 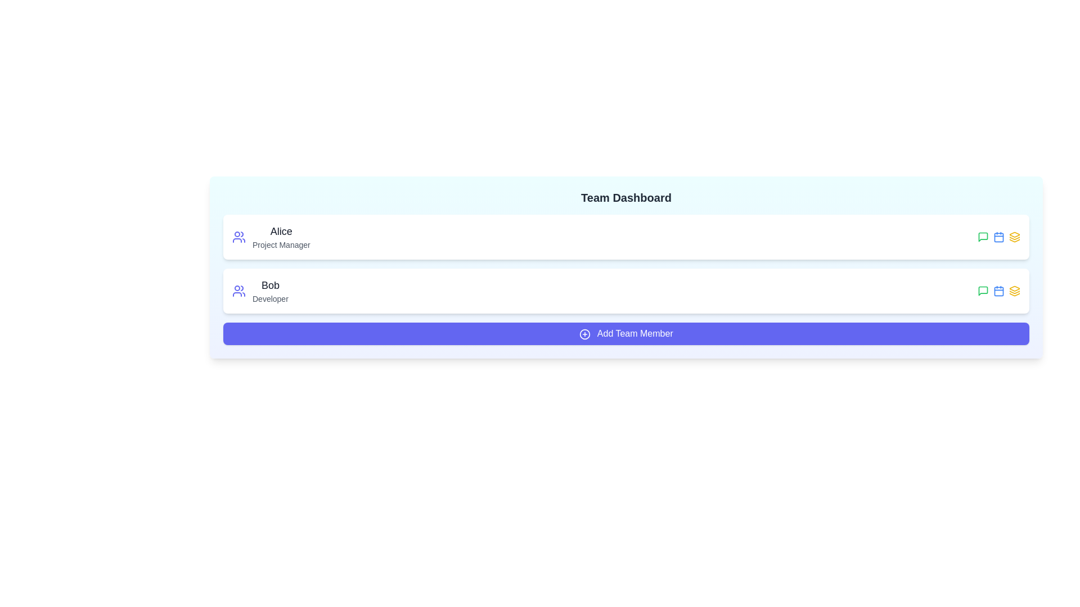 What do you see at coordinates (999, 290) in the screenshot?
I see `the small blue calendar icon located near other icons in the interface, specifically the second icon from the right associated with the 'Bob' entry` at bounding box center [999, 290].